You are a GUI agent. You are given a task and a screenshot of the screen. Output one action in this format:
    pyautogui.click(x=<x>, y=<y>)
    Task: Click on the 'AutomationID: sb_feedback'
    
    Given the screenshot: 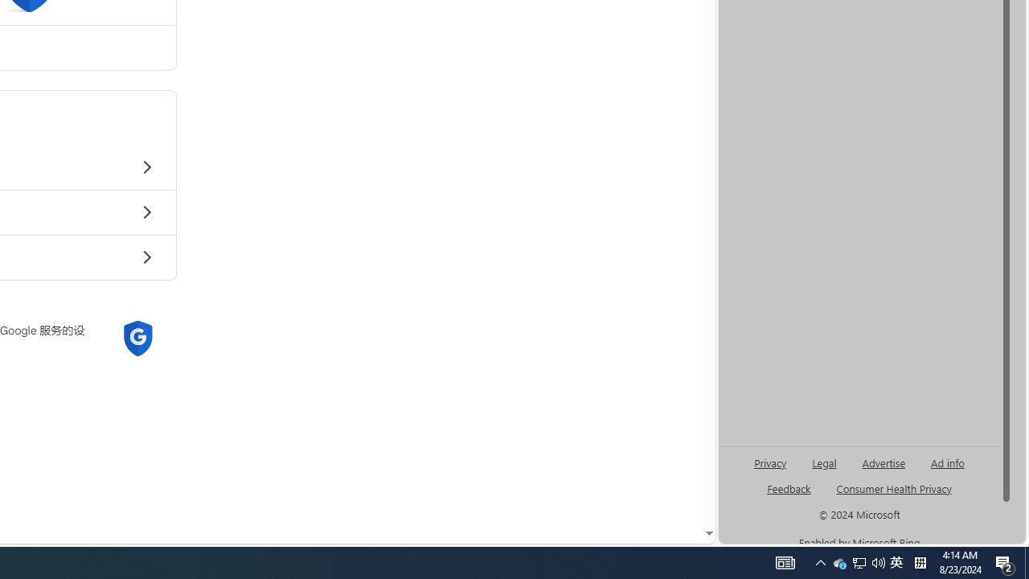 What is the action you would take?
    pyautogui.click(x=789, y=487)
    